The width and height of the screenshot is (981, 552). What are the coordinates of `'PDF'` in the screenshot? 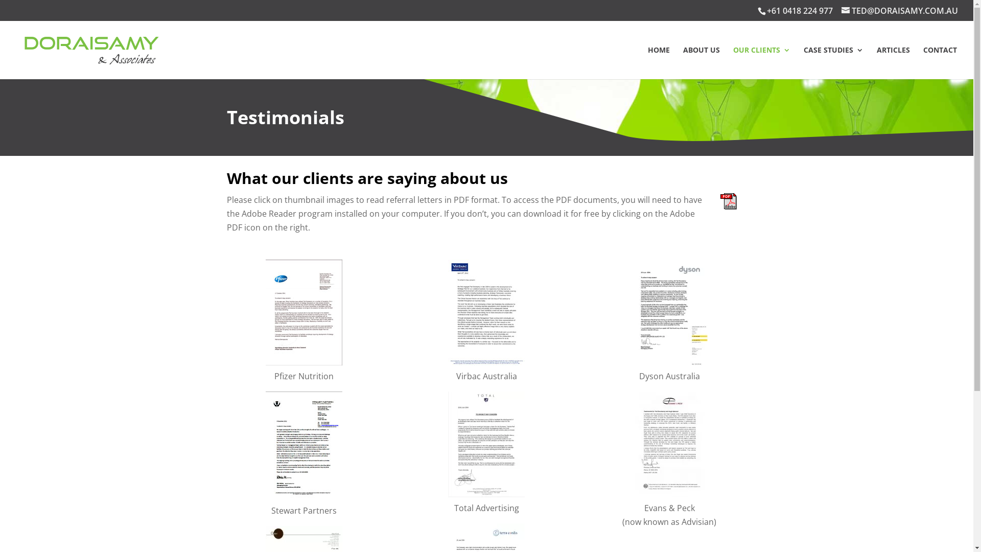 It's located at (728, 201).